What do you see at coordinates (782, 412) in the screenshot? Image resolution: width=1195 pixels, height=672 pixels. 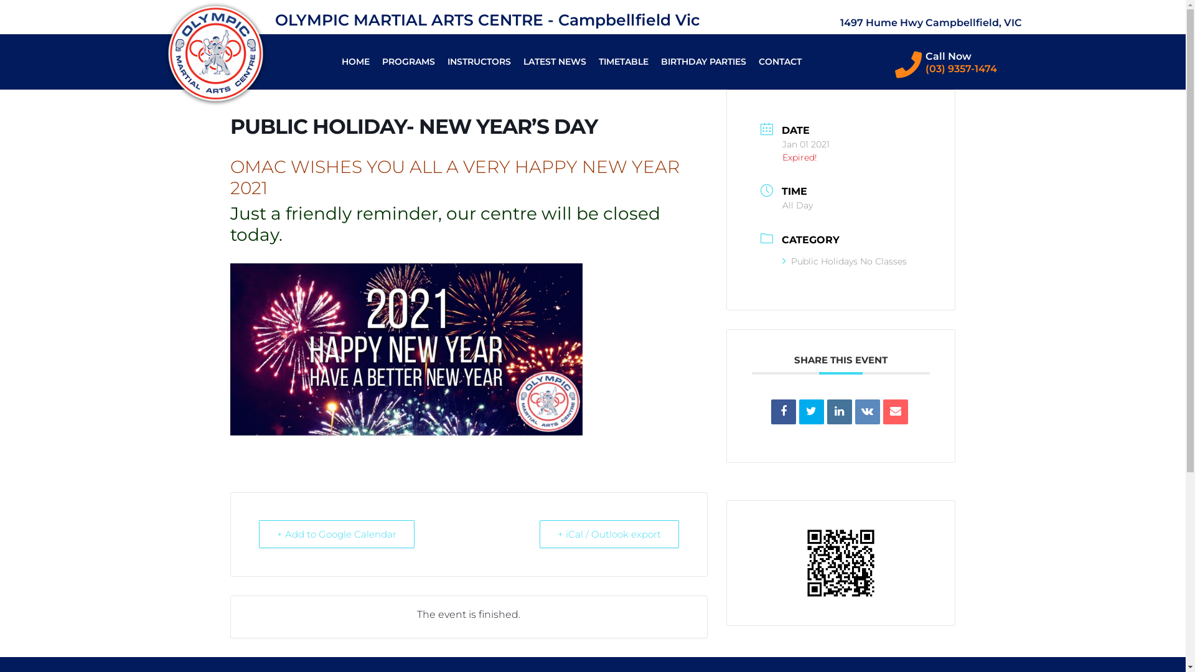 I see `'Share on Facebook'` at bounding box center [782, 412].